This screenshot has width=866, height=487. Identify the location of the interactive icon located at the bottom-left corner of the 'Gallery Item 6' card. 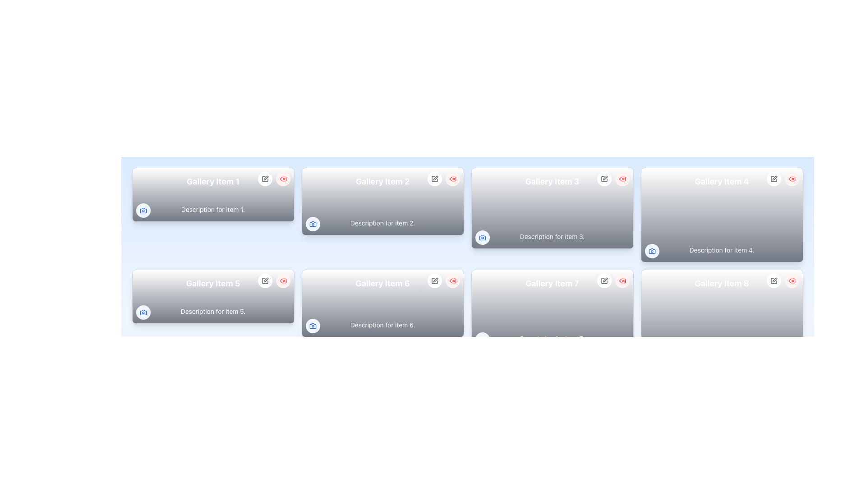
(313, 326).